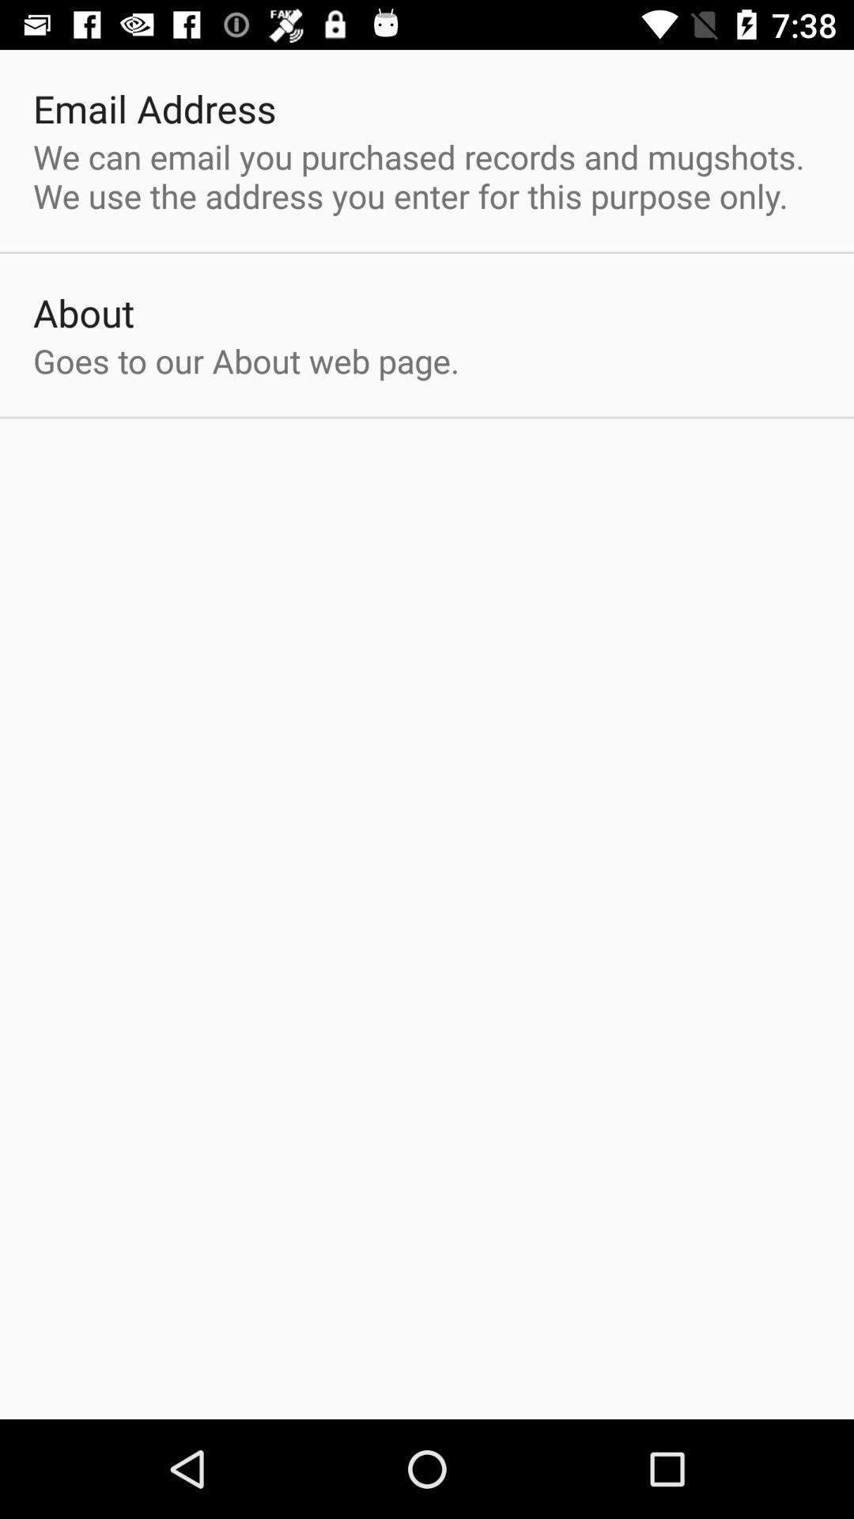 The height and width of the screenshot is (1519, 854). I want to click on the icon above about icon, so click(427, 176).